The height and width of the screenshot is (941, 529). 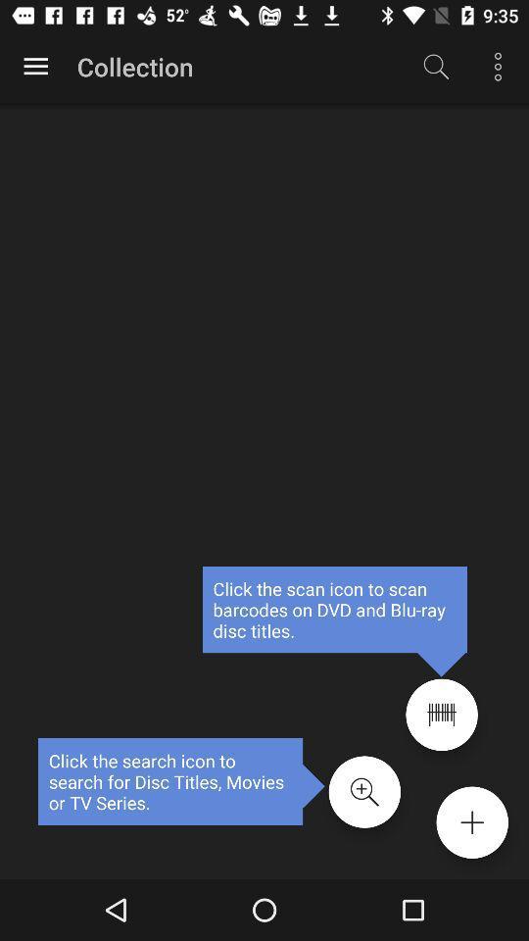 What do you see at coordinates (364, 792) in the screenshot?
I see `zoon in` at bounding box center [364, 792].